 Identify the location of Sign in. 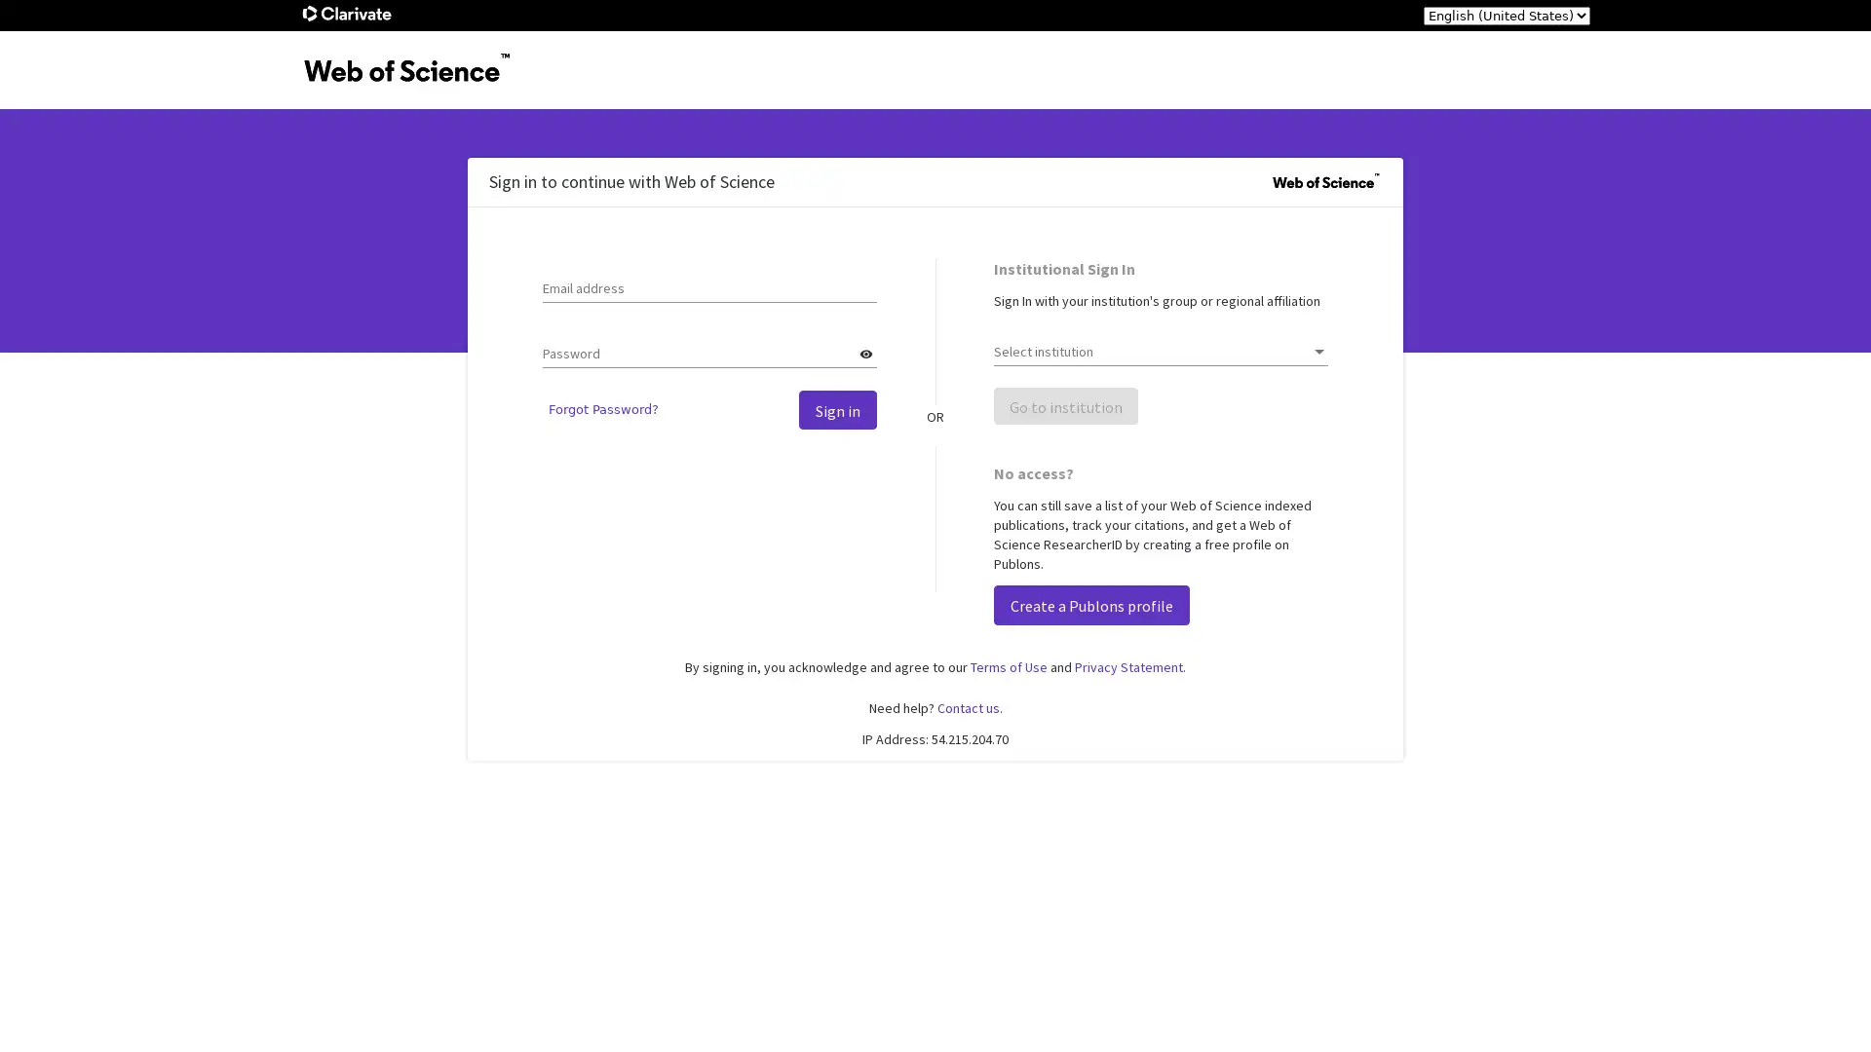
(837, 408).